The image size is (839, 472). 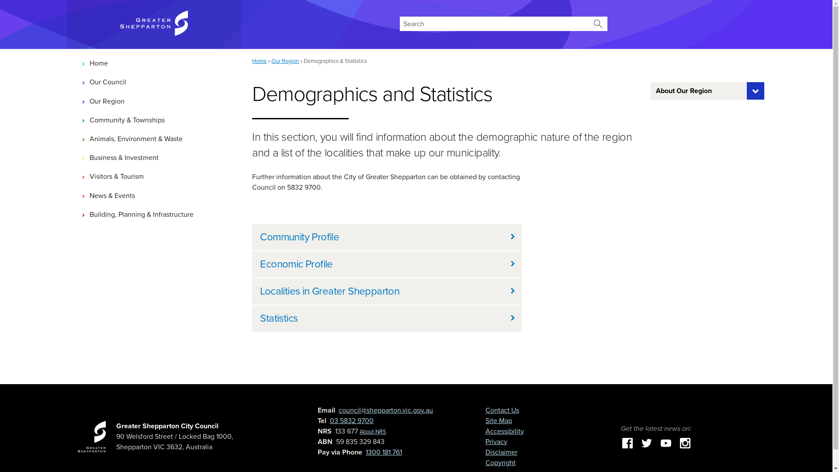 I want to click on 'Facebook', so click(x=627, y=443).